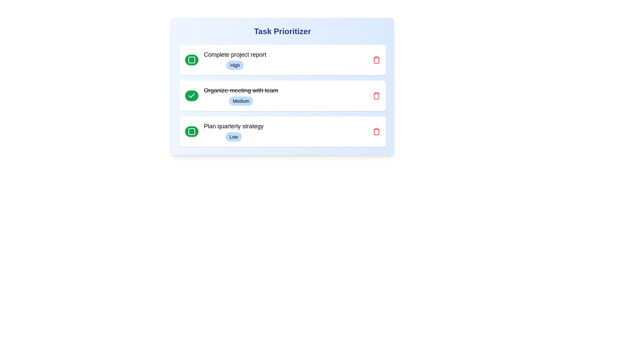  What do you see at coordinates (191, 96) in the screenshot?
I see `the interactive button` at bounding box center [191, 96].